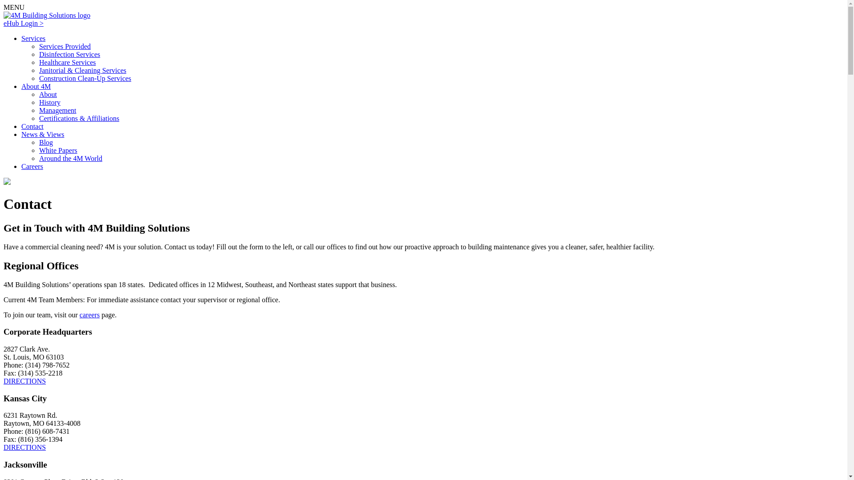 The image size is (854, 480). Describe the element at coordinates (70, 158) in the screenshot. I see `'Around the 4M World'` at that location.